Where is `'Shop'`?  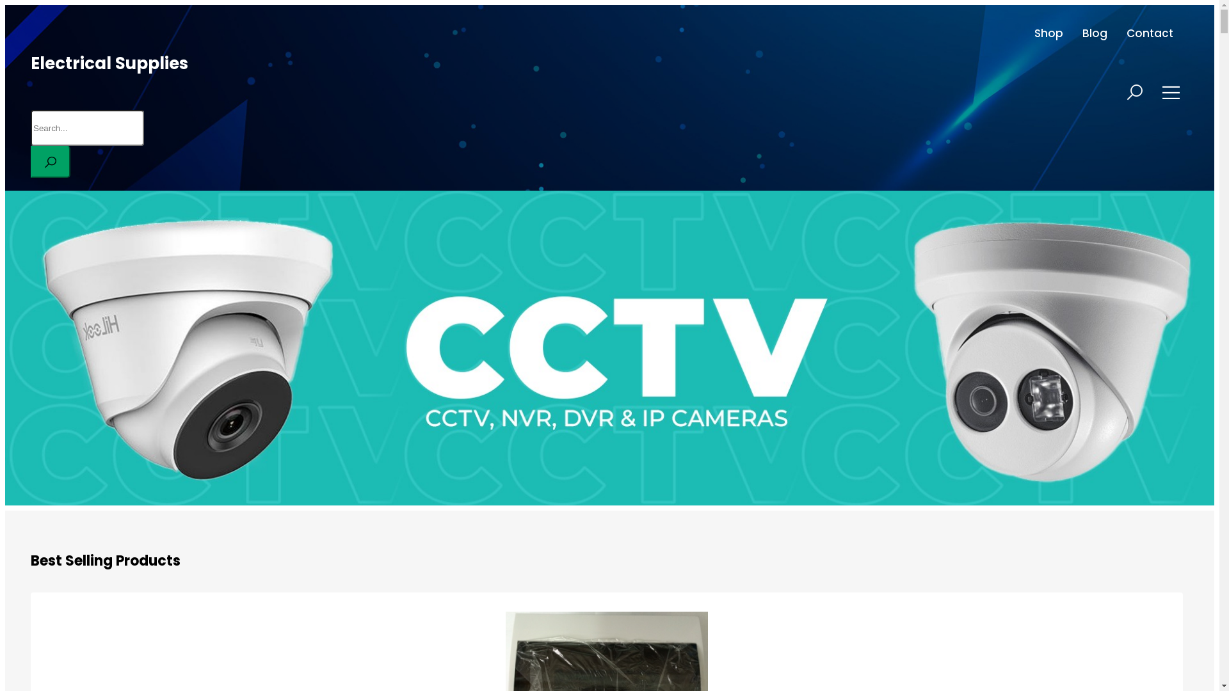
'Shop' is located at coordinates (1048, 33).